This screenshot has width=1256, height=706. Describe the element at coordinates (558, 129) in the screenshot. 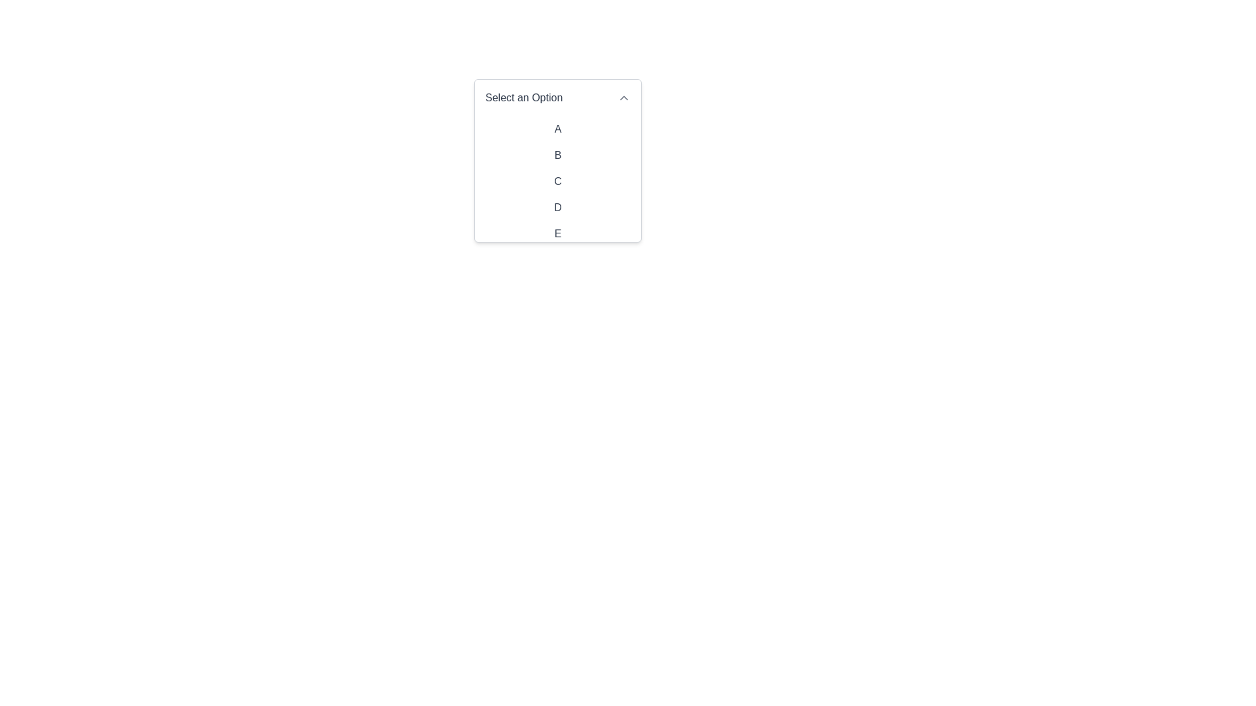

I see `the list item displaying the text 'A' in the dropdown menu, which is the first item in the vertical list located directly below the label 'Select an Option'` at that location.